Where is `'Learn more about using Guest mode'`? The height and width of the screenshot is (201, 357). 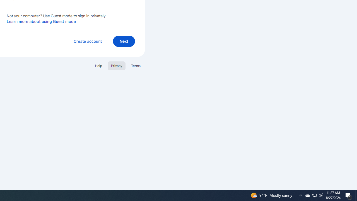 'Learn more about using Guest mode' is located at coordinates (41, 21).